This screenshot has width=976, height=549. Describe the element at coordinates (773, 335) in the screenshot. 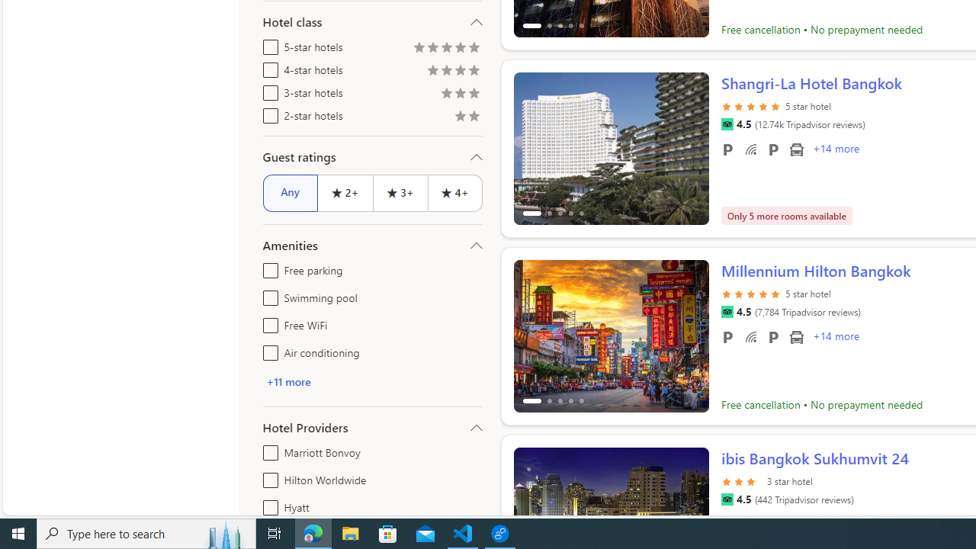

I see `'Valet parking'` at that location.